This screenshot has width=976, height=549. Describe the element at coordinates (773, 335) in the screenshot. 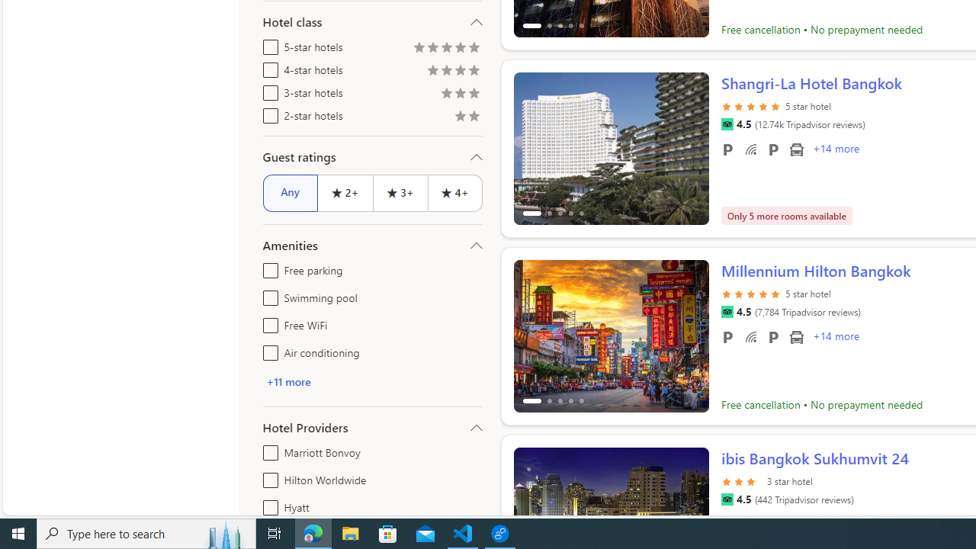

I see `'Valet parking'` at that location.